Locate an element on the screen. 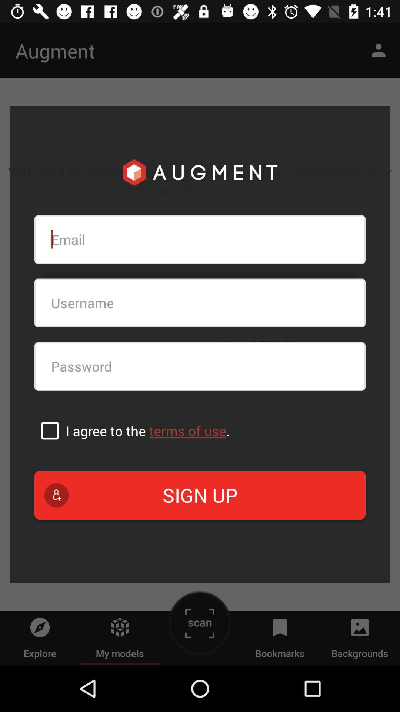 This screenshot has height=712, width=400. input your email is located at coordinates (200, 240).